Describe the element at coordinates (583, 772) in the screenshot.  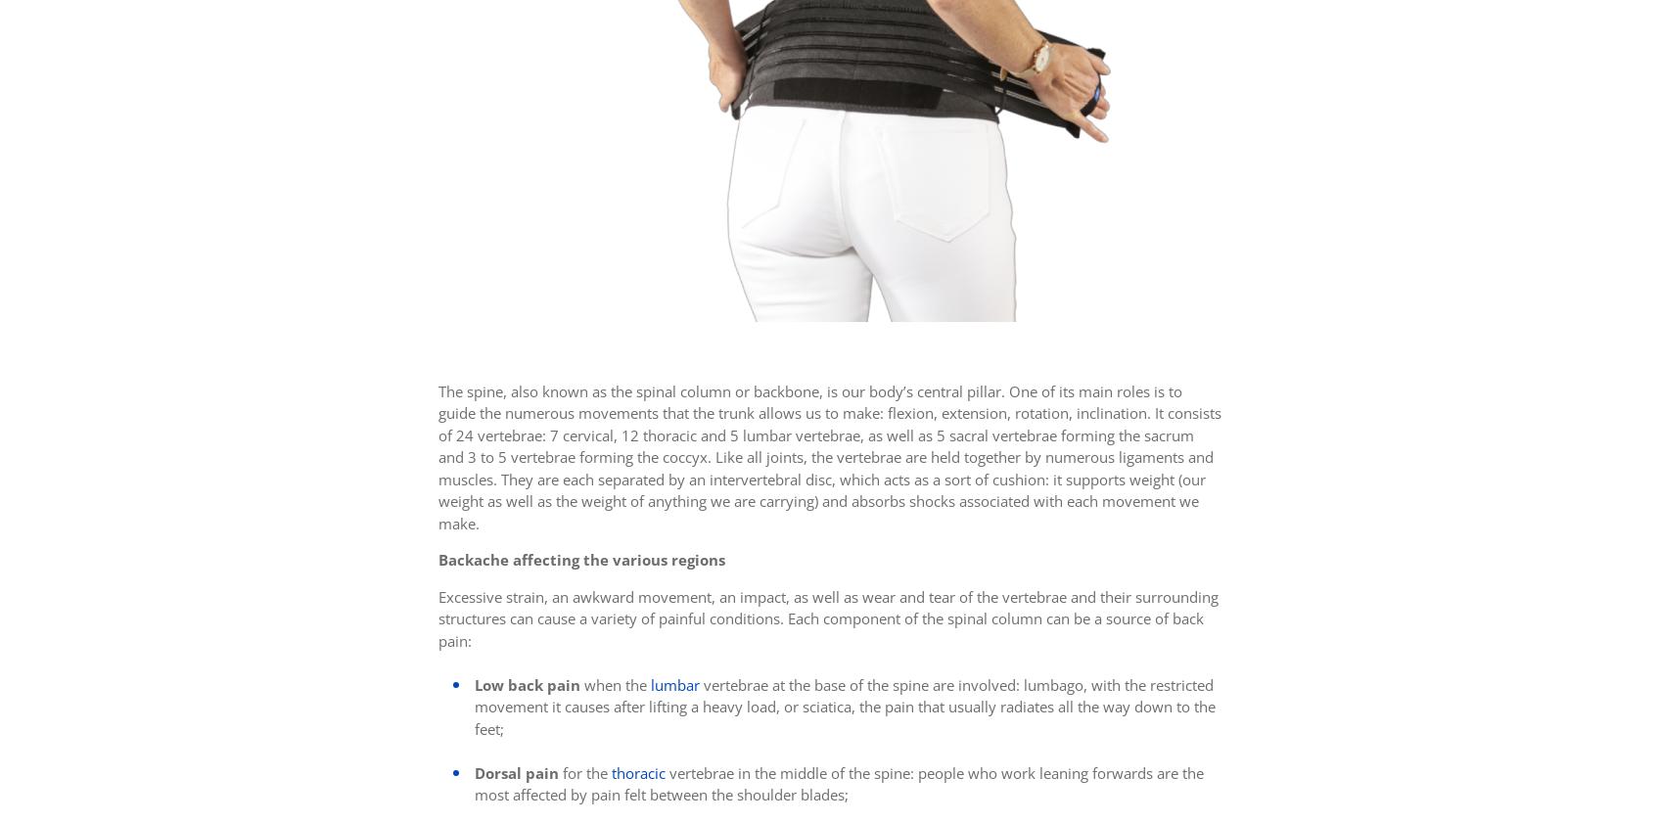
I see `'for the'` at that location.